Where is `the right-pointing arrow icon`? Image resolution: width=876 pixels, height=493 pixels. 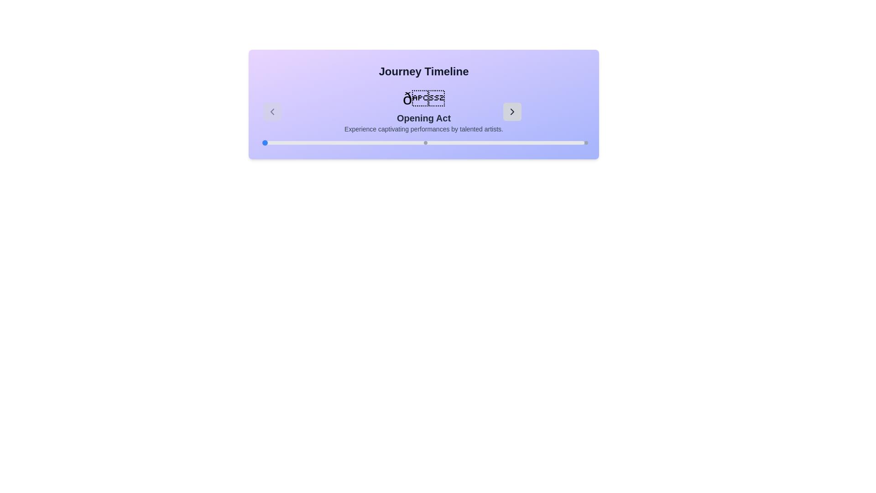 the right-pointing arrow icon is located at coordinates (512, 111).